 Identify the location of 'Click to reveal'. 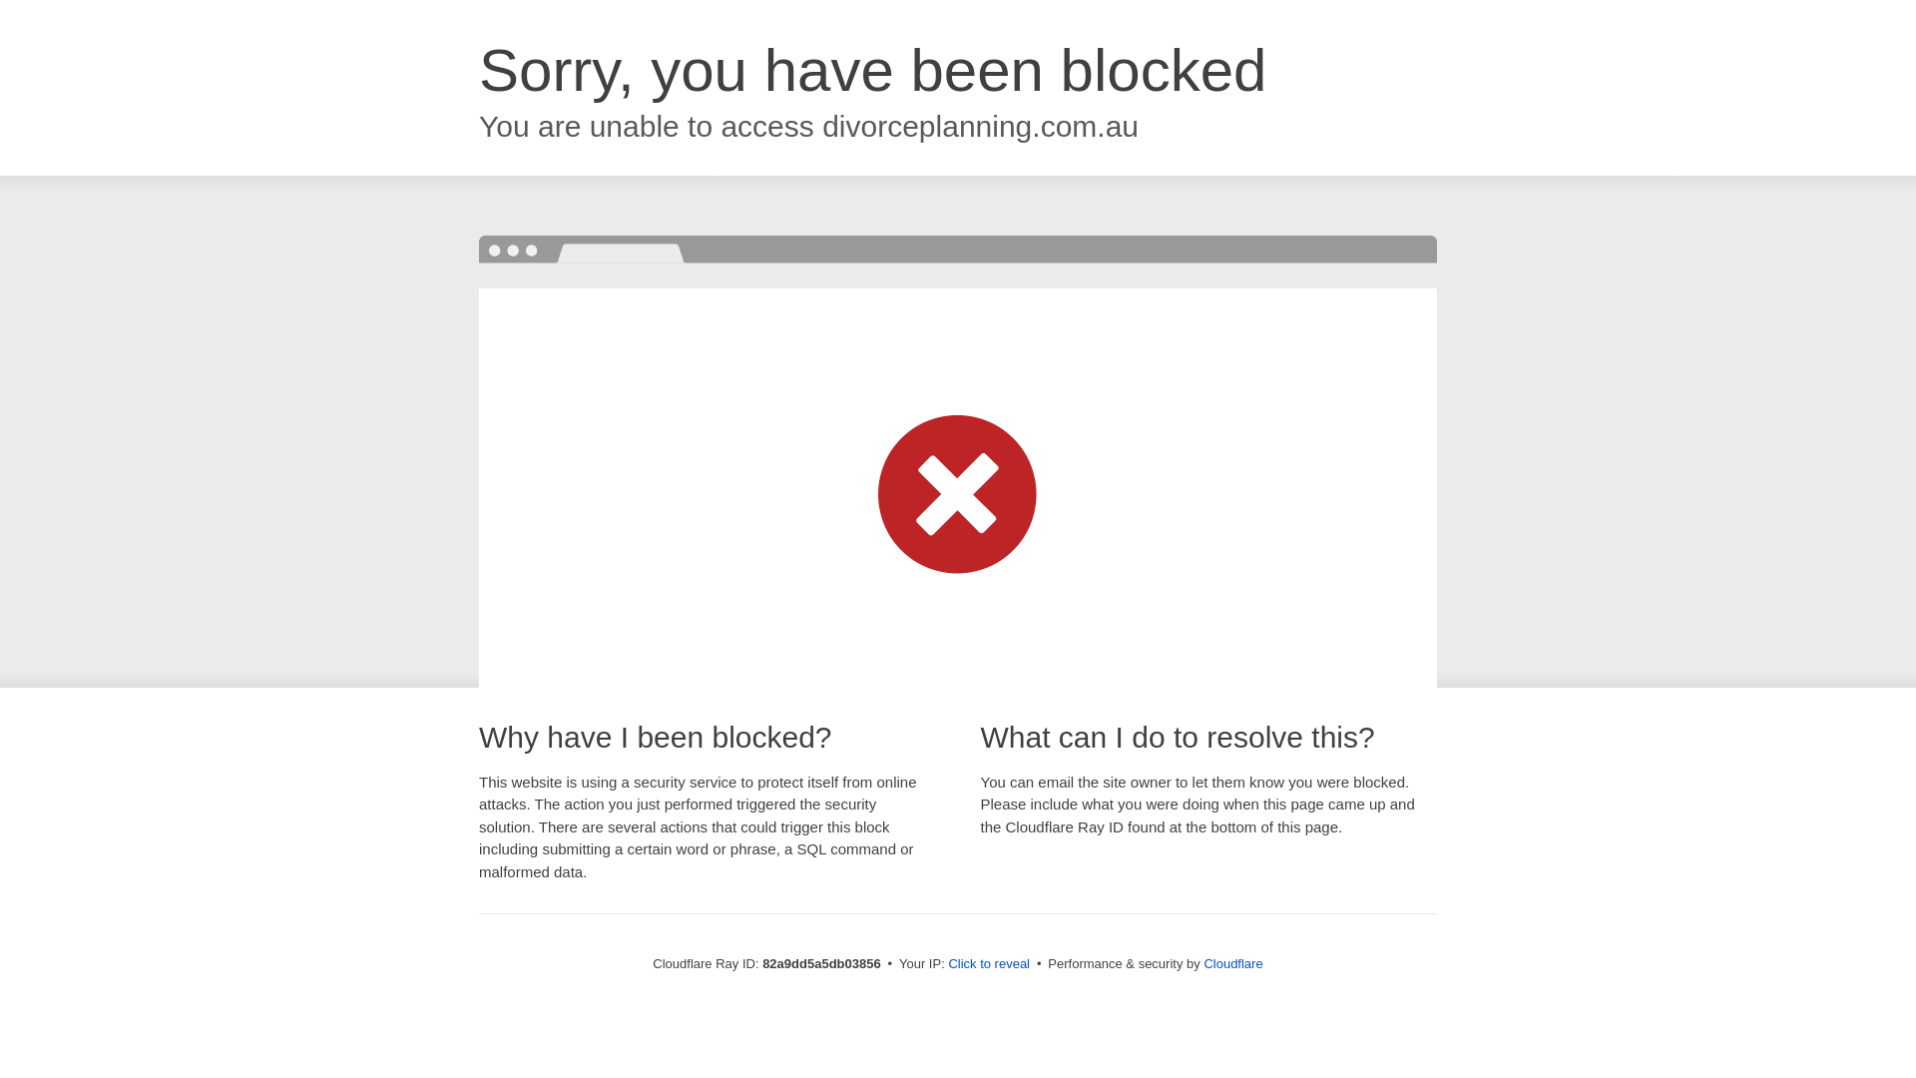
(947, 962).